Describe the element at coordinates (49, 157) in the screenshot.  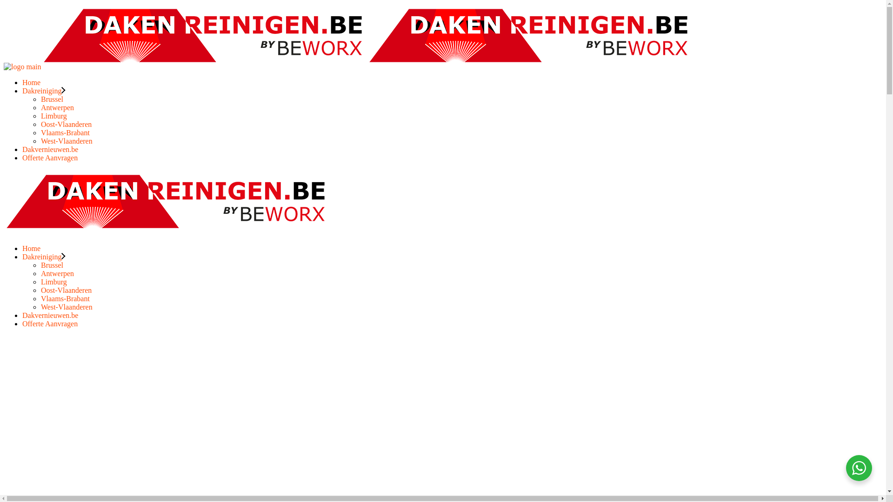
I see `'Offerte Aanvragen'` at that location.